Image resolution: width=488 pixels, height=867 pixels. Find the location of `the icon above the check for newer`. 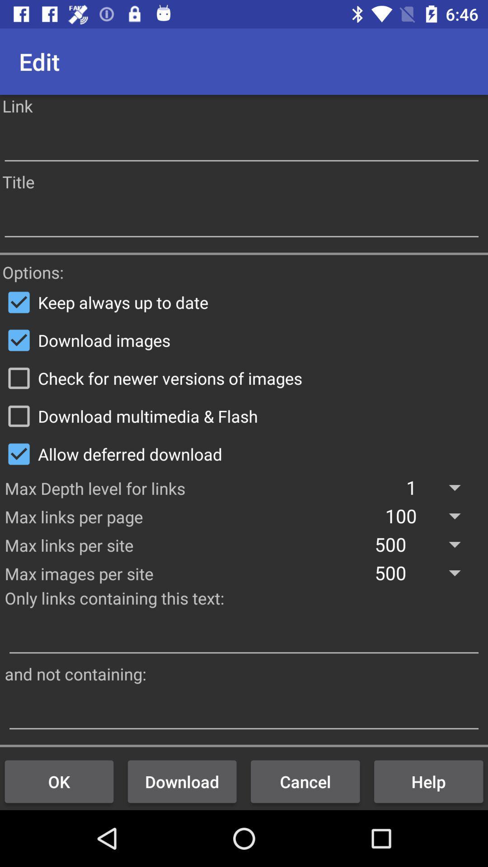

the icon above the check for newer is located at coordinates (244, 340).